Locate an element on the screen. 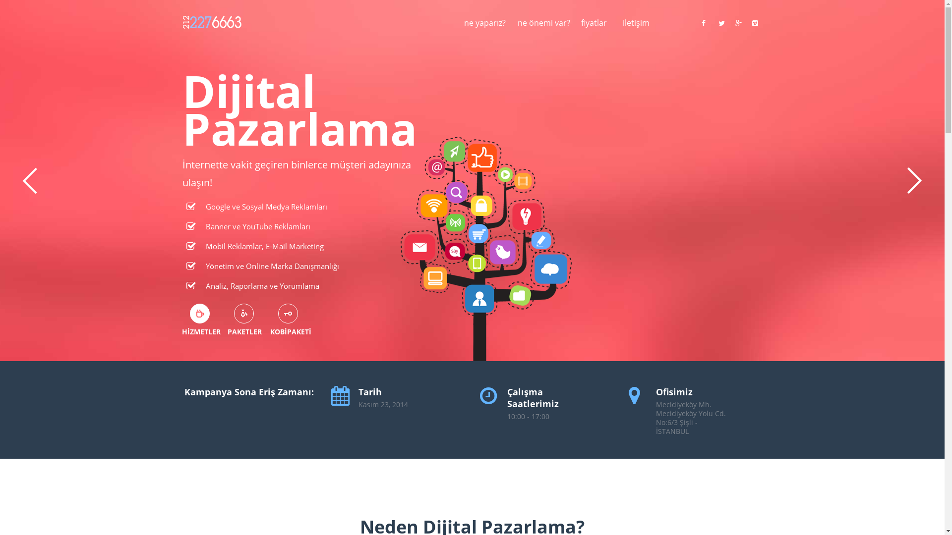 The width and height of the screenshot is (952, 535). 'PAKETLER' is located at coordinates (243, 313).